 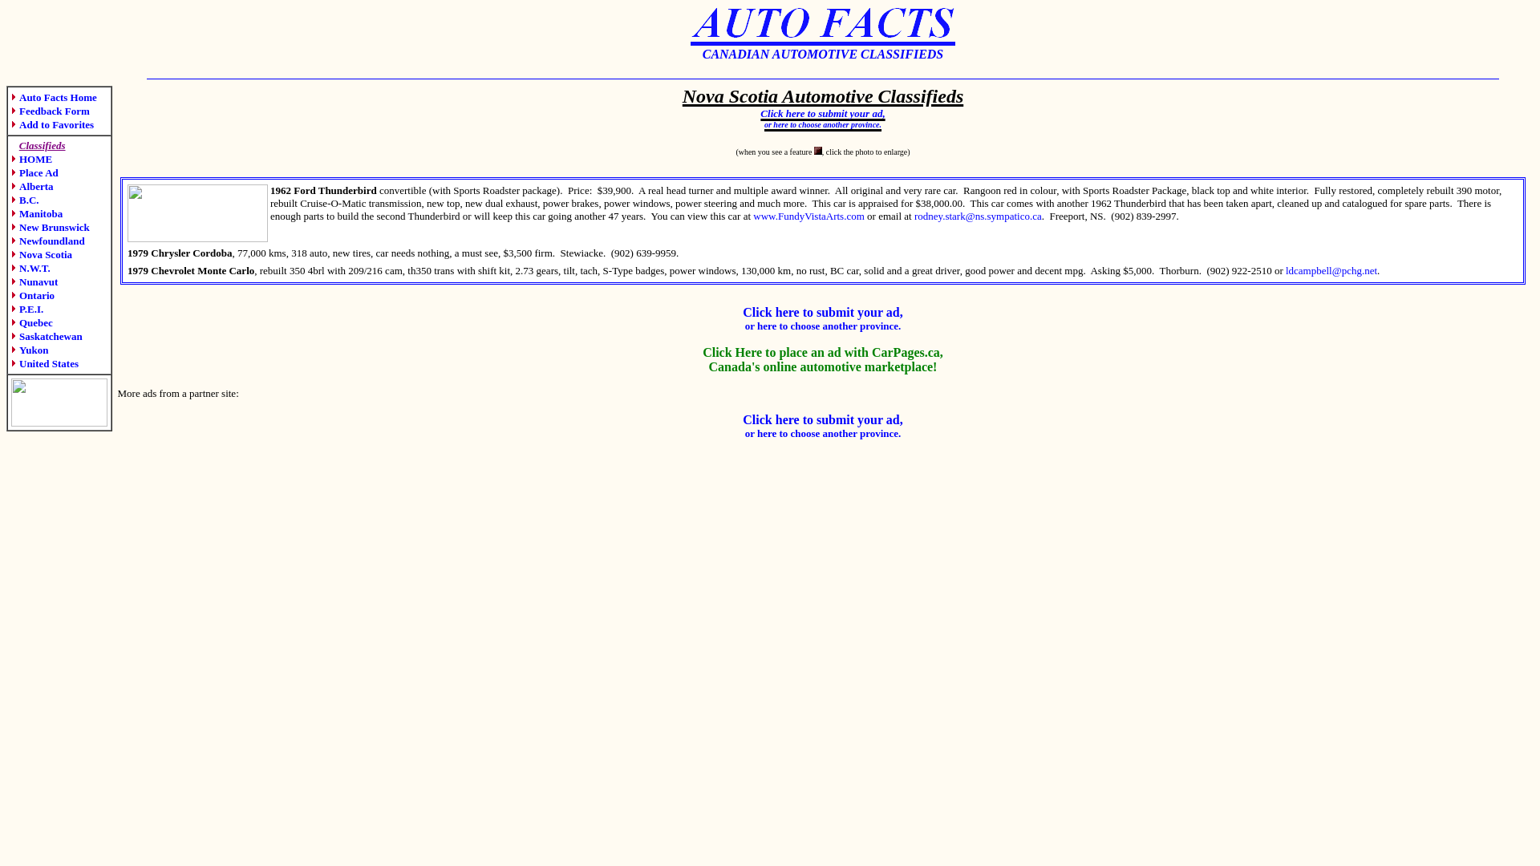 What do you see at coordinates (11, 295) in the screenshot?
I see `'Ontario'` at bounding box center [11, 295].